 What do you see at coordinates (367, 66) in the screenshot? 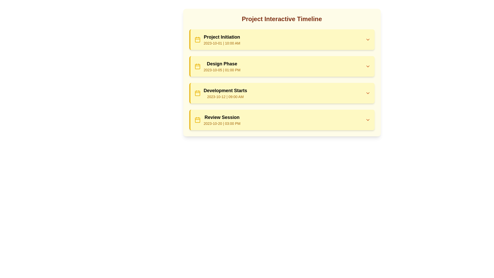
I see `the orange downward-facing chevron icon located at the far right of the 'Design Phase' section` at bounding box center [367, 66].